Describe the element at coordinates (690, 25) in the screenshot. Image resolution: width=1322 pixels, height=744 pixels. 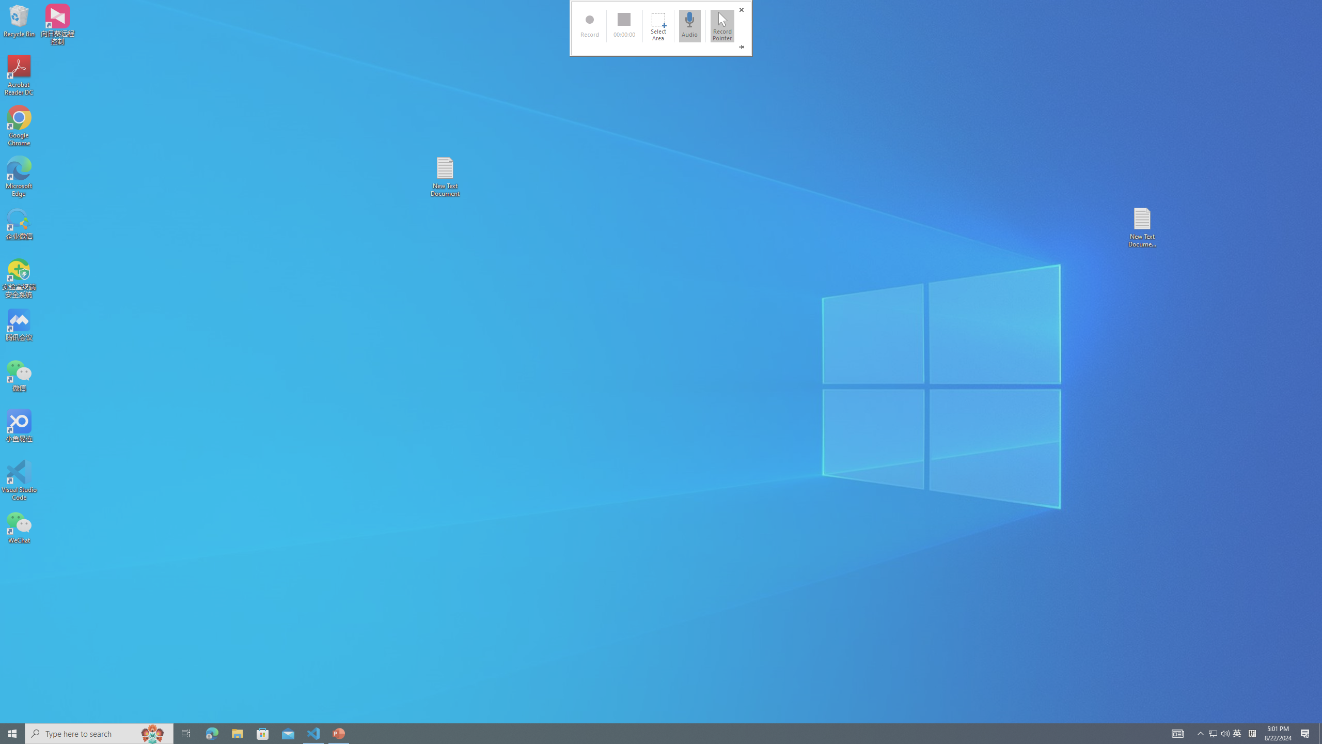
I see `'Audio'` at that location.